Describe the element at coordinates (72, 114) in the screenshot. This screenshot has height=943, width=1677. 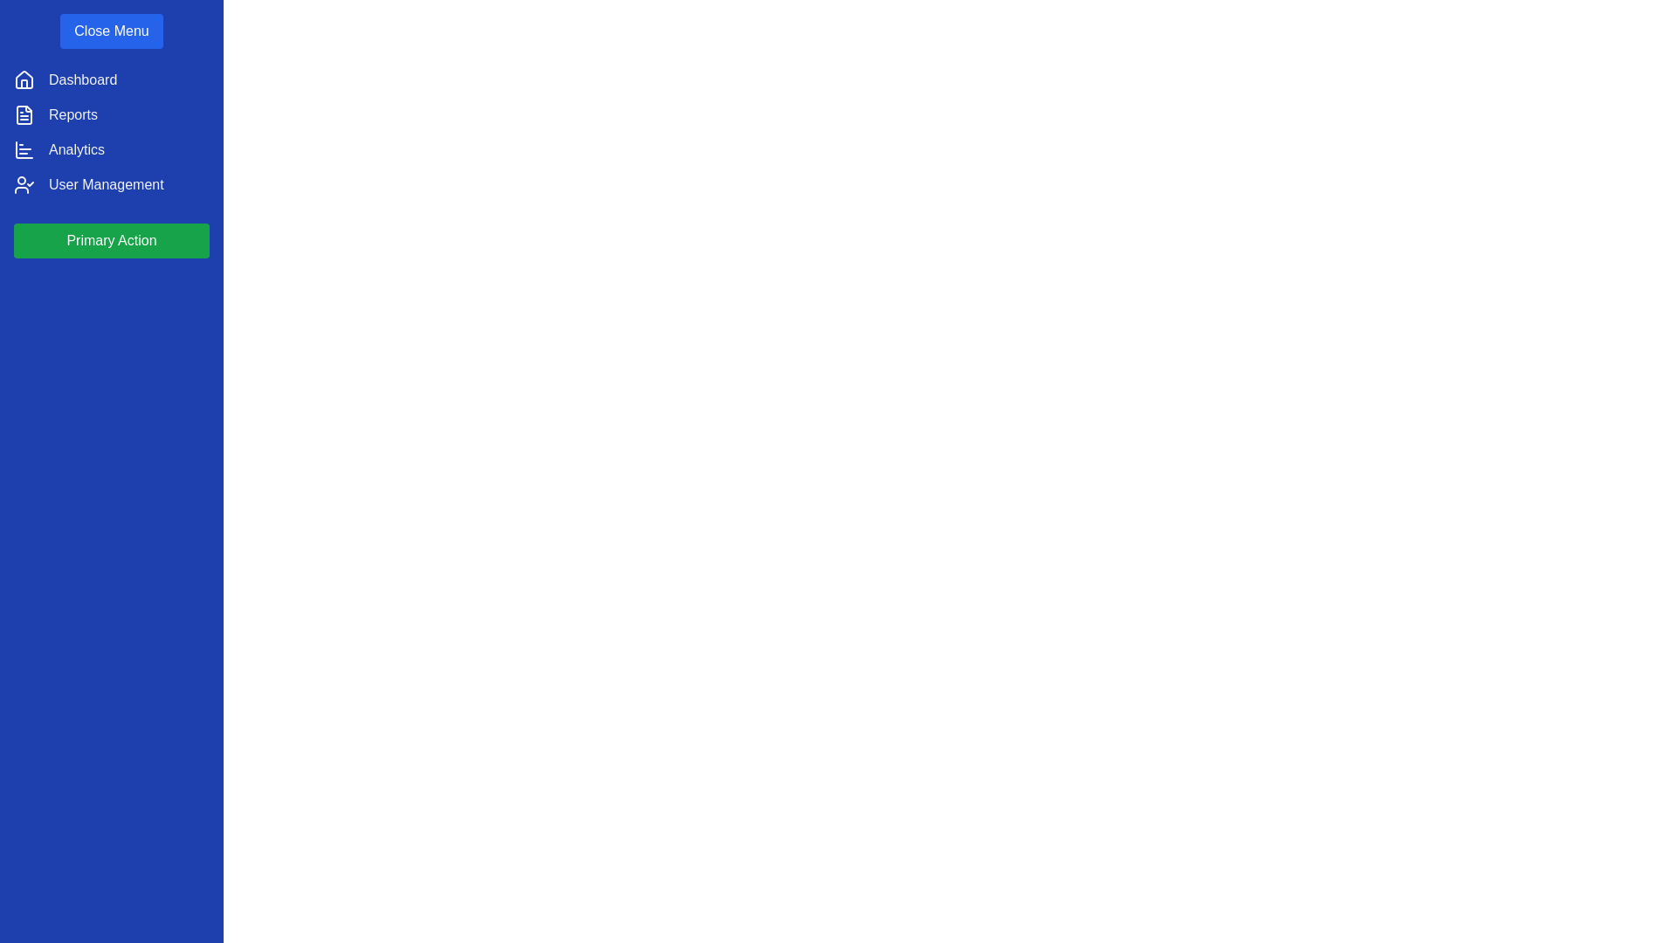
I see `the navigation item Reports from the list` at that location.